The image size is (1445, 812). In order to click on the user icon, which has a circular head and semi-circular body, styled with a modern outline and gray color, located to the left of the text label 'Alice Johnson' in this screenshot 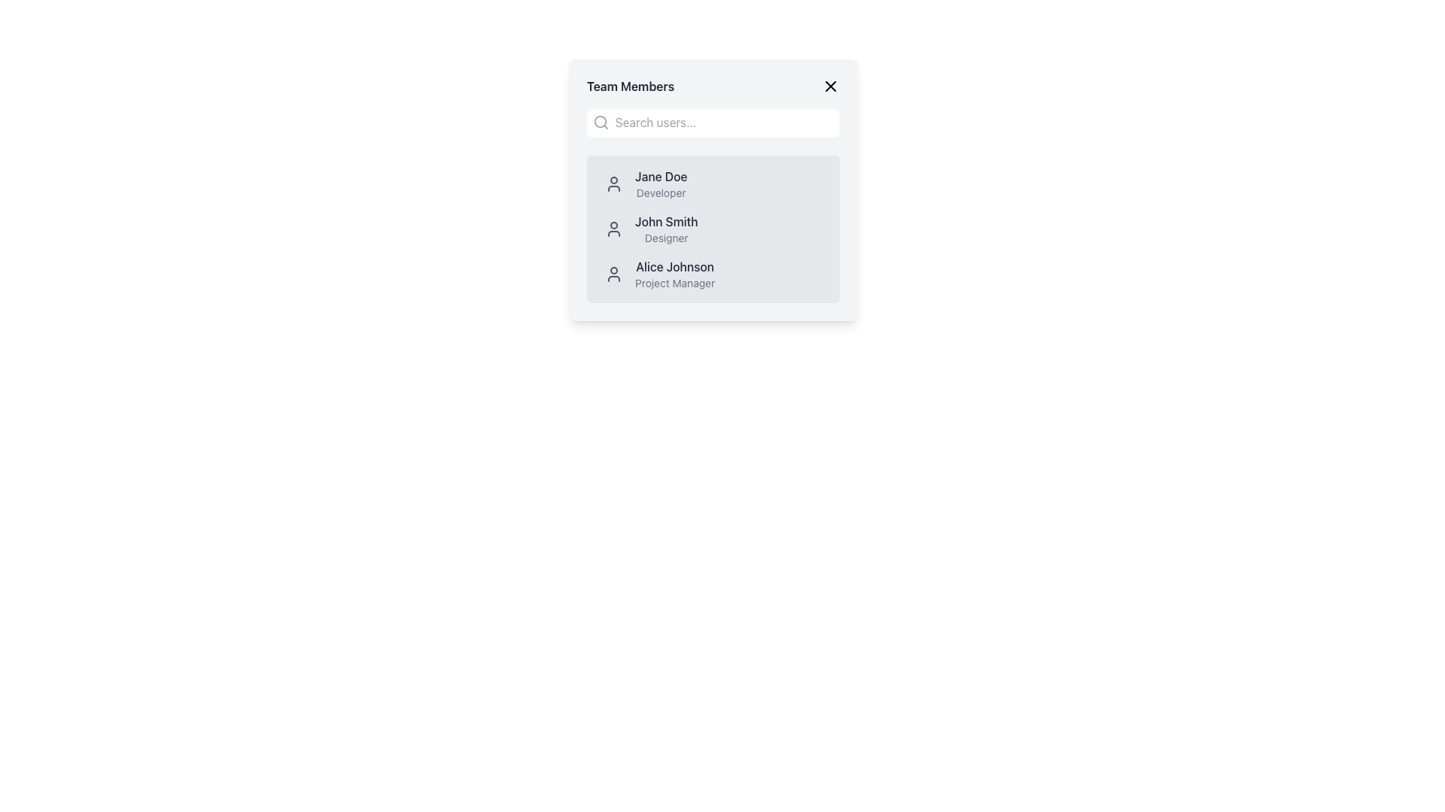, I will do `click(614, 274)`.